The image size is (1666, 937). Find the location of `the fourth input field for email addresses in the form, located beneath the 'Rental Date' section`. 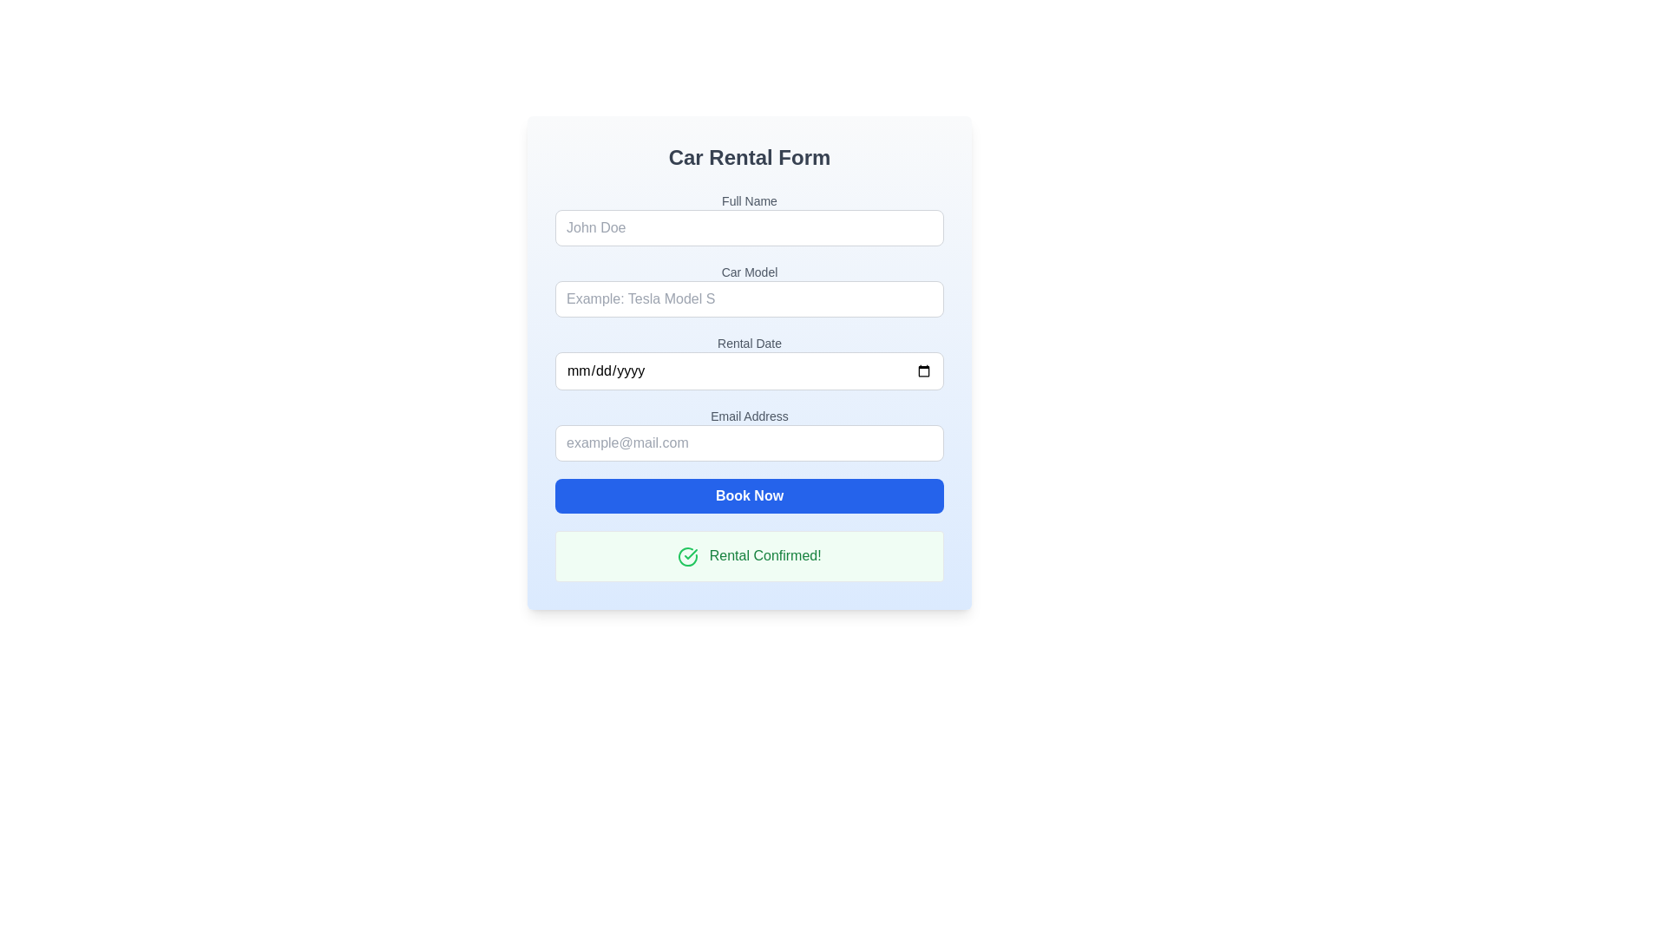

the fourth input field for email addresses in the form, located beneath the 'Rental Date' section is located at coordinates (750, 434).